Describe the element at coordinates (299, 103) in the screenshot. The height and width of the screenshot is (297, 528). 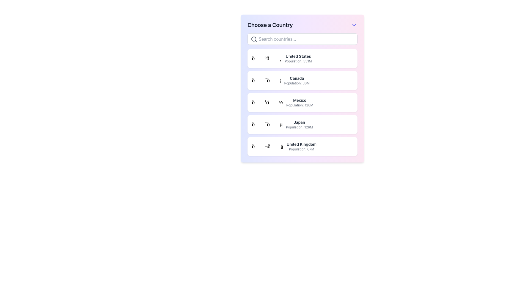
I see `the text element displaying information about Mexico, which is part of a selection list and located adjacent to a flag icon` at that location.